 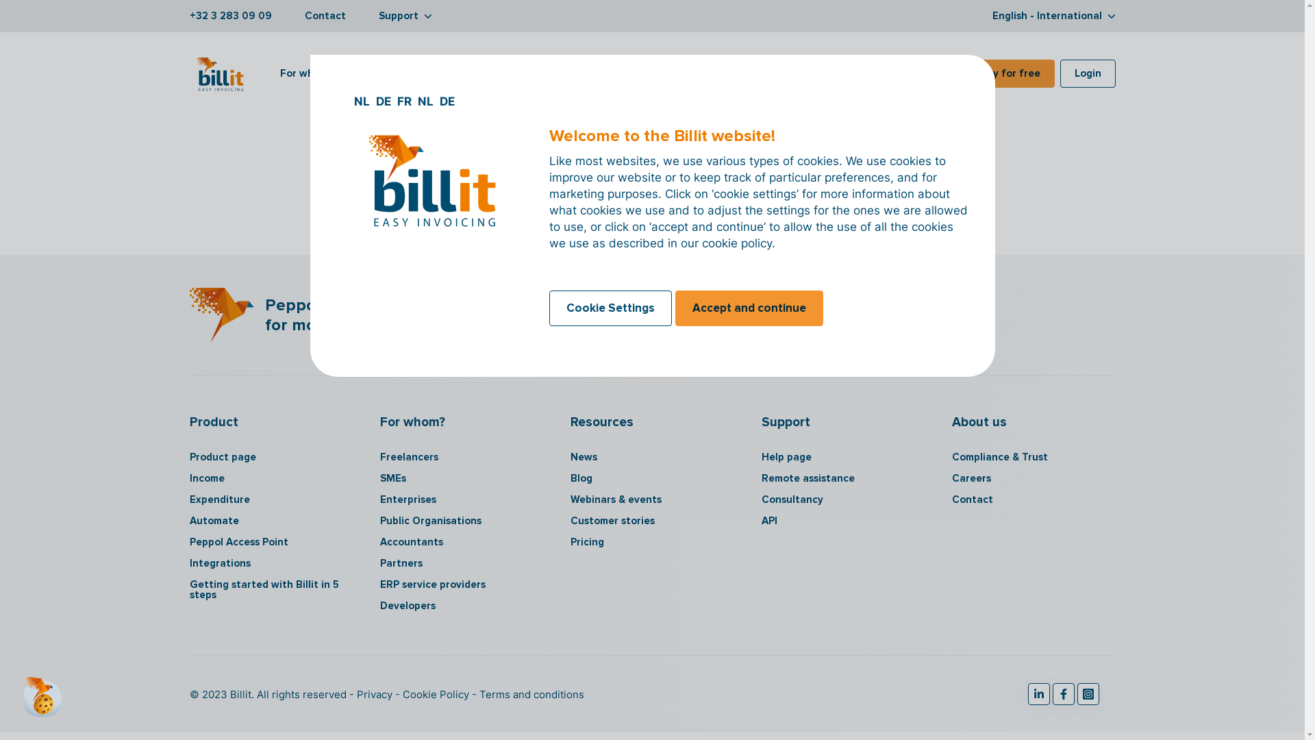 What do you see at coordinates (651, 521) in the screenshot?
I see `'Customer stories'` at bounding box center [651, 521].